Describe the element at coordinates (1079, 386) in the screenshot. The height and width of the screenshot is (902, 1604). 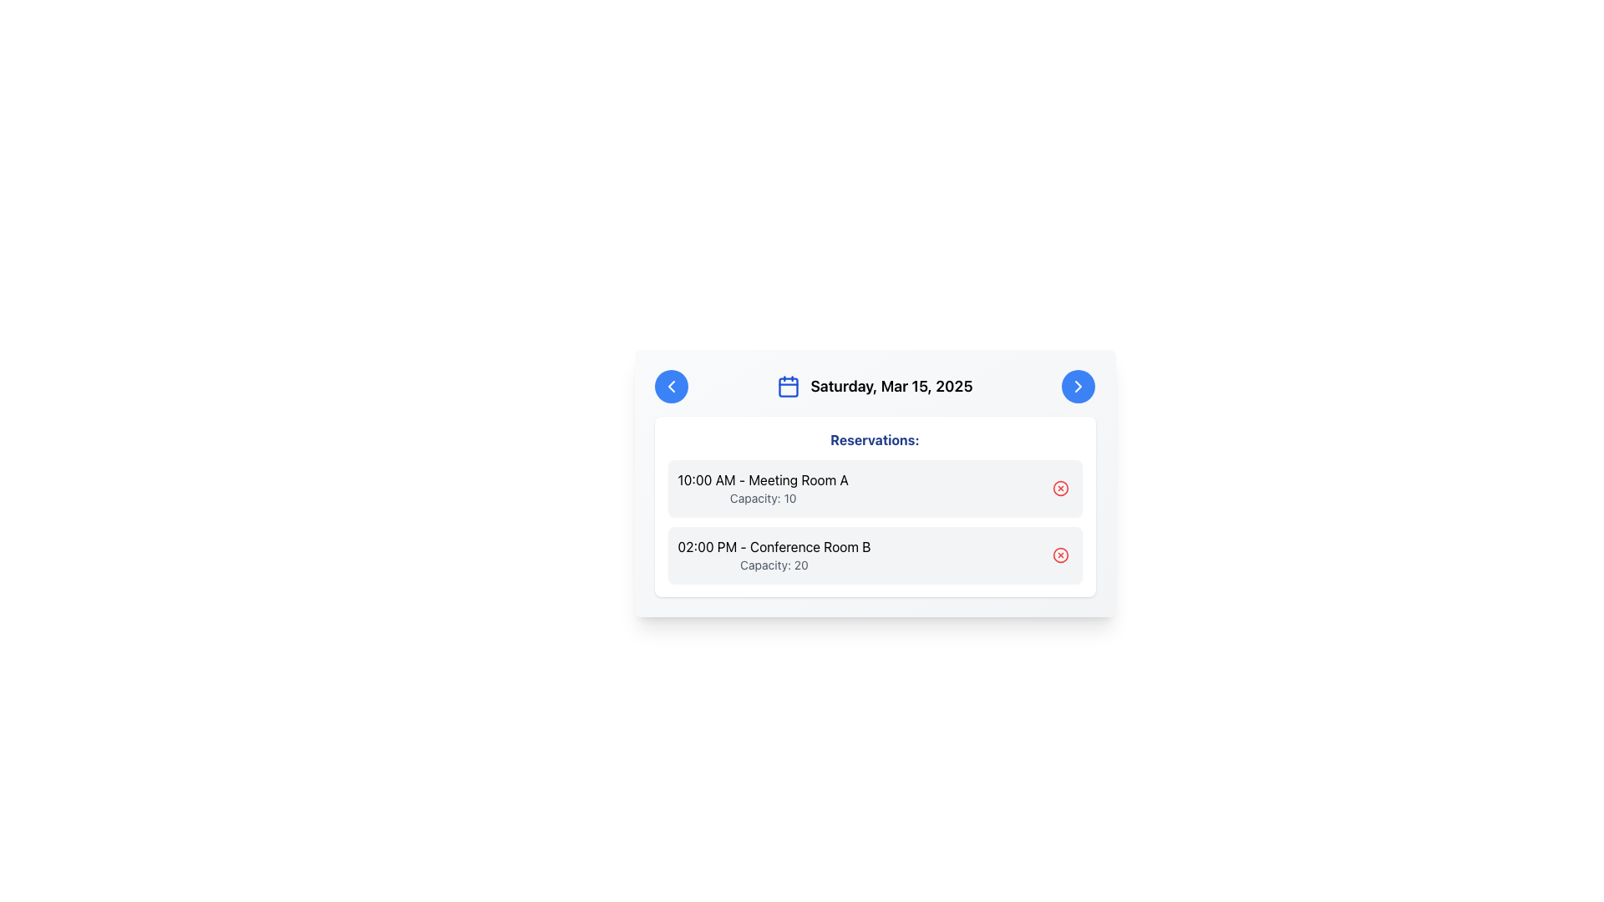
I see `the navigational control icon within the circular blue button` at that location.